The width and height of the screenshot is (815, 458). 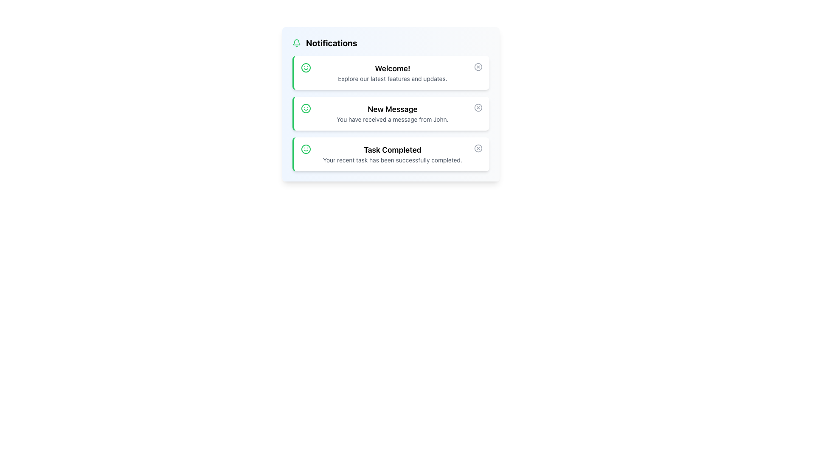 I want to click on the text component displaying 'Your recent task has been successfully completed.' which is located below the 'Task Completed' title in the notifications list, so click(x=392, y=160).